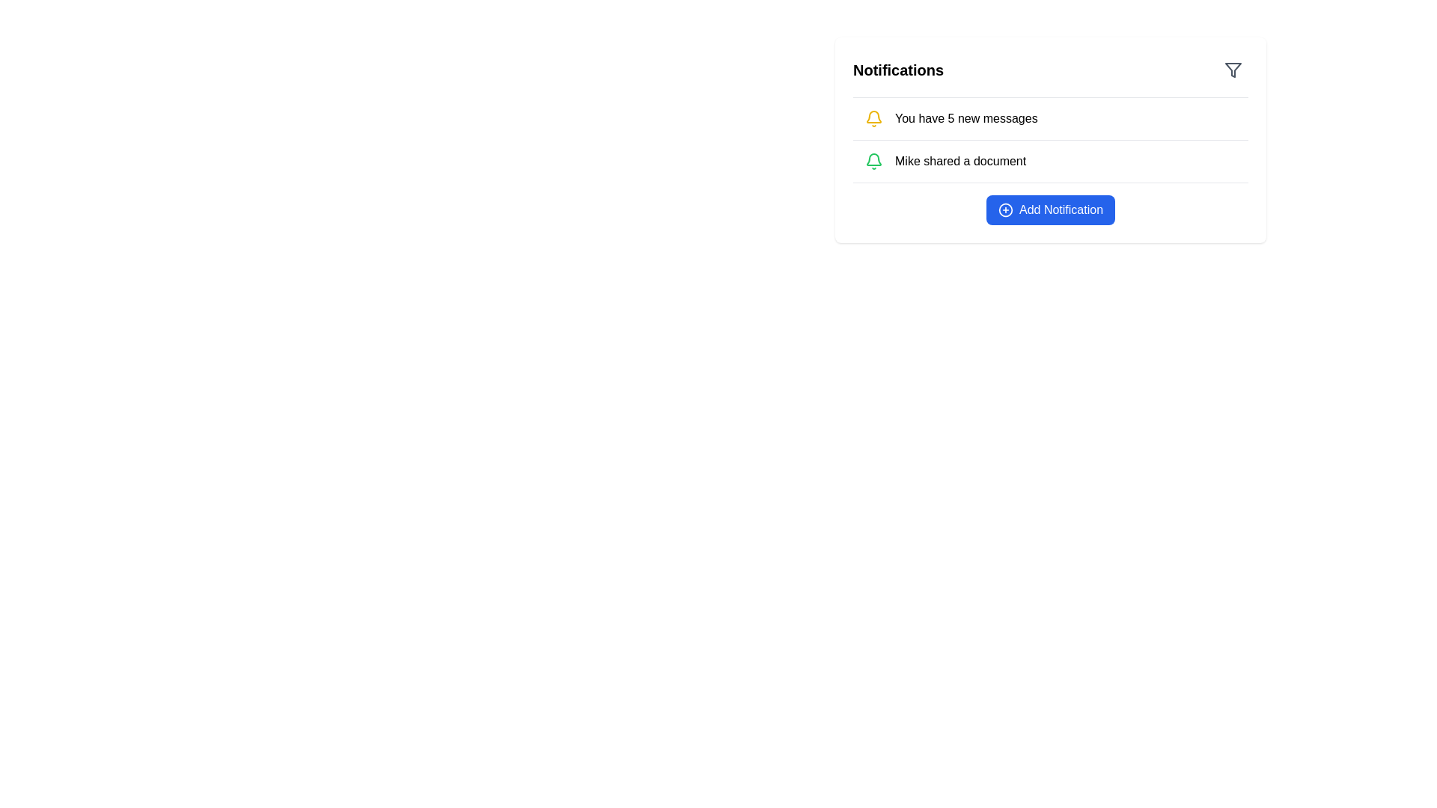 The width and height of the screenshot is (1437, 808). What do you see at coordinates (1233, 70) in the screenshot?
I see `the Decorative SVG icon of a filtering funnel located in the top-right corner of the notification panel` at bounding box center [1233, 70].